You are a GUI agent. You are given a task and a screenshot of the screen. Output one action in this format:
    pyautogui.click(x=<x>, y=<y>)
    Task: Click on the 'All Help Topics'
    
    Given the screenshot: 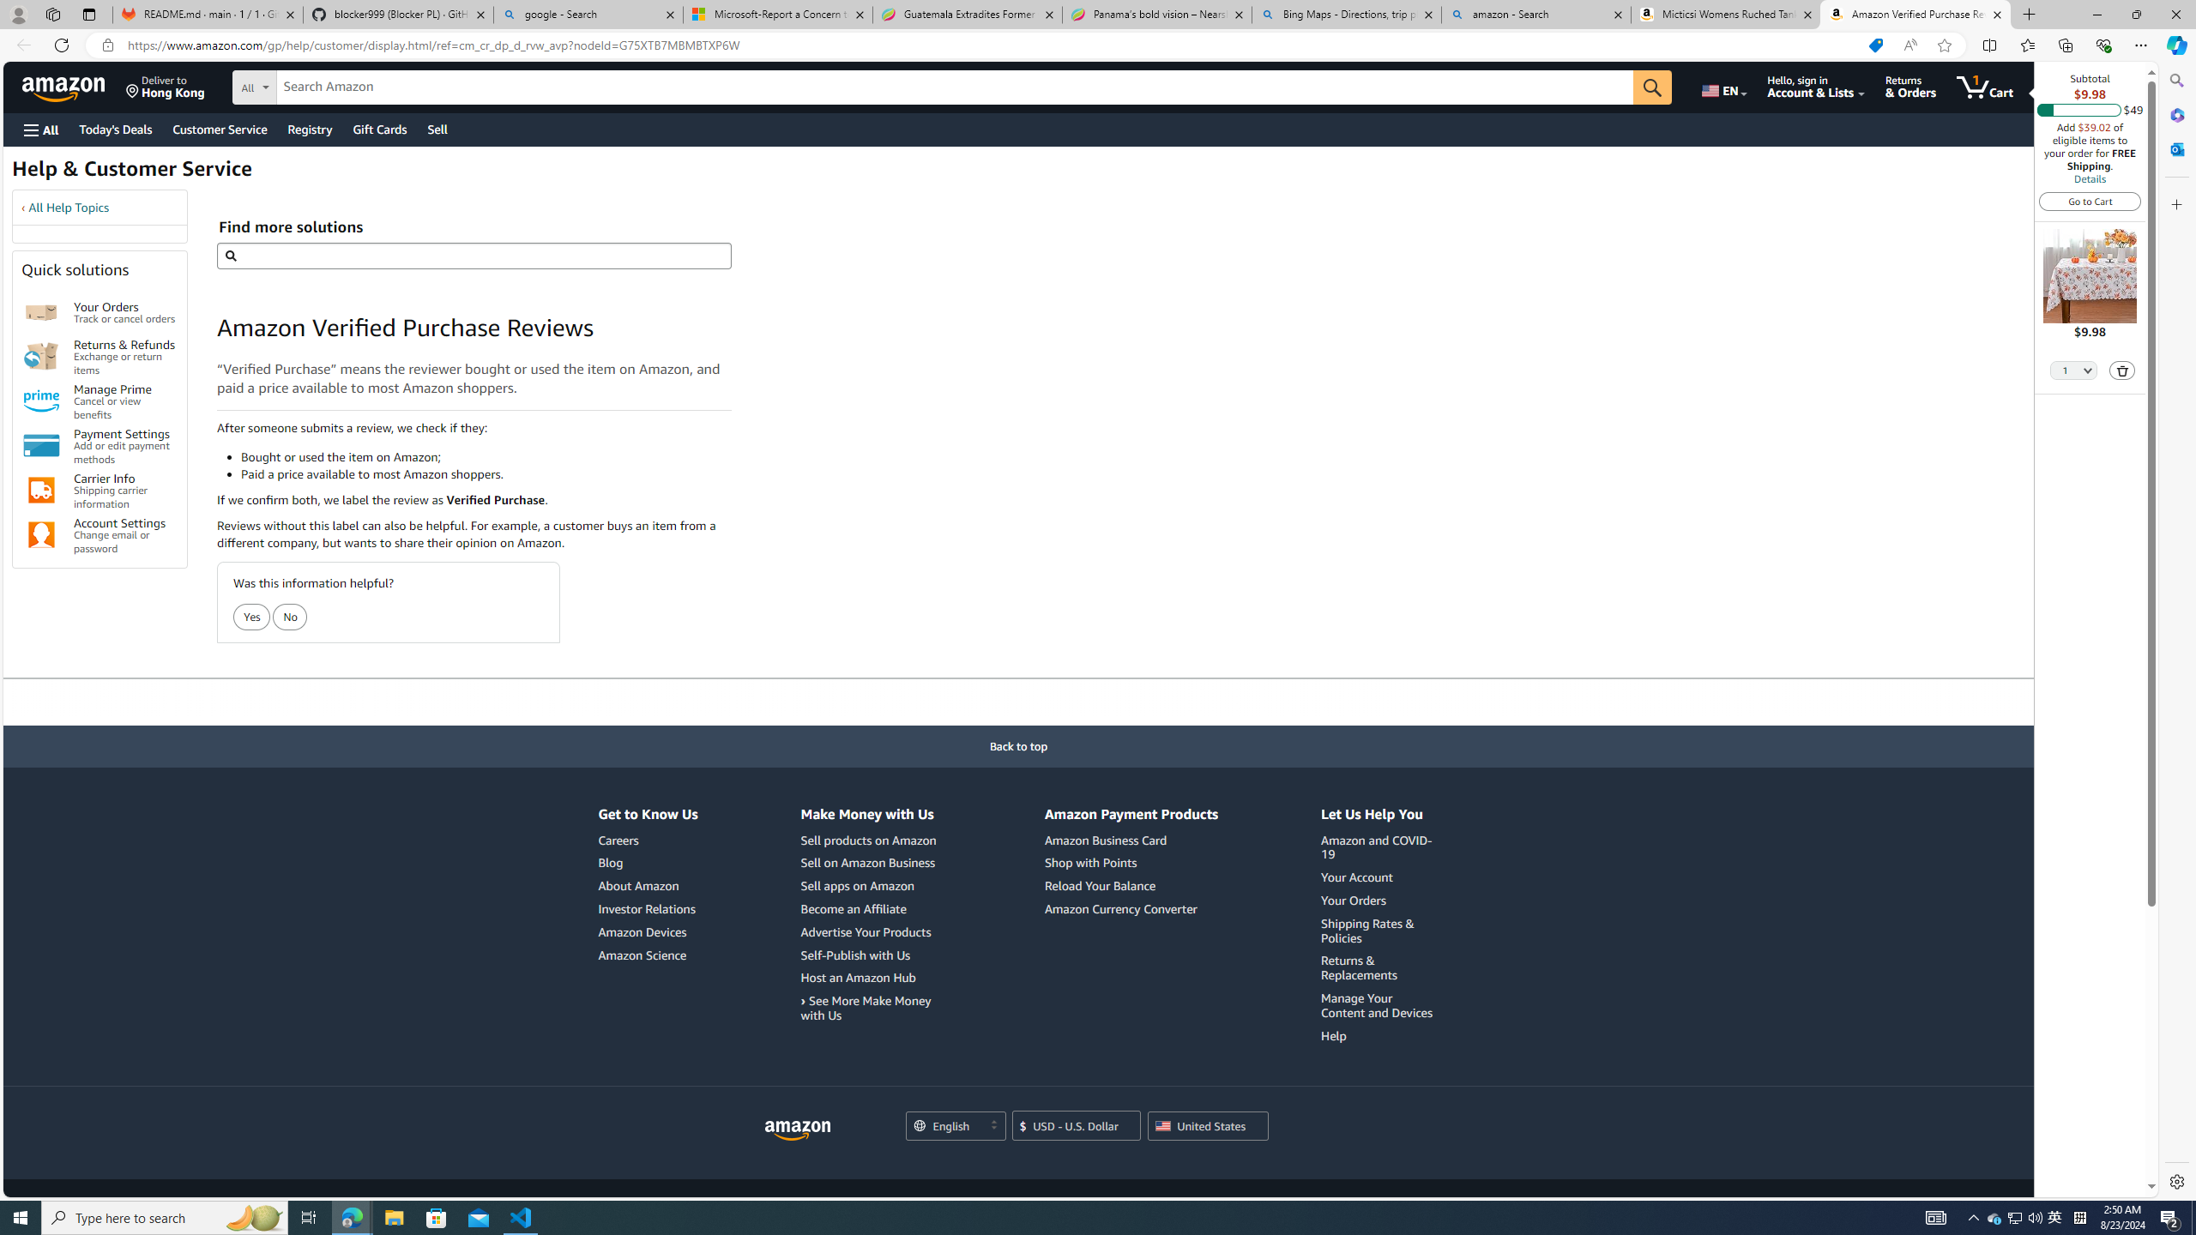 What is the action you would take?
    pyautogui.click(x=69, y=207)
    